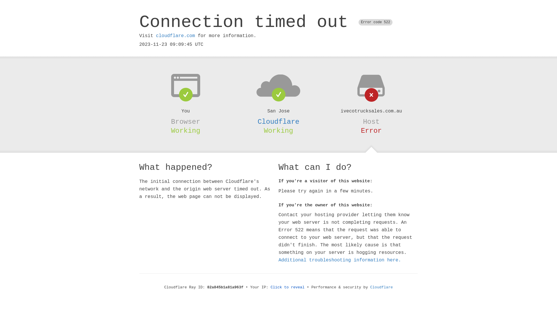 The image size is (557, 313). What do you see at coordinates (287, 287) in the screenshot?
I see `'Click to reveal'` at bounding box center [287, 287].